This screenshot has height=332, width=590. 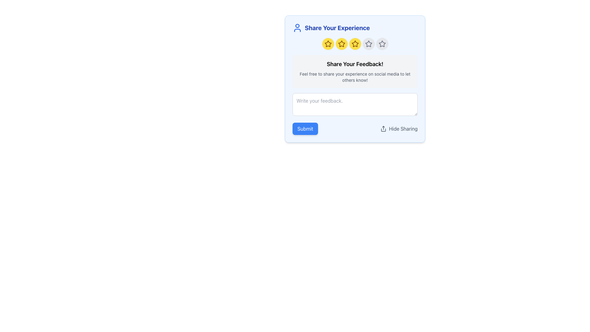 I want to click on the circular button with a light gray background and gray star icon, located at the right end of a row of five buttons in the 'Share Your Experience' feedback section, so click(x=382, y=43).